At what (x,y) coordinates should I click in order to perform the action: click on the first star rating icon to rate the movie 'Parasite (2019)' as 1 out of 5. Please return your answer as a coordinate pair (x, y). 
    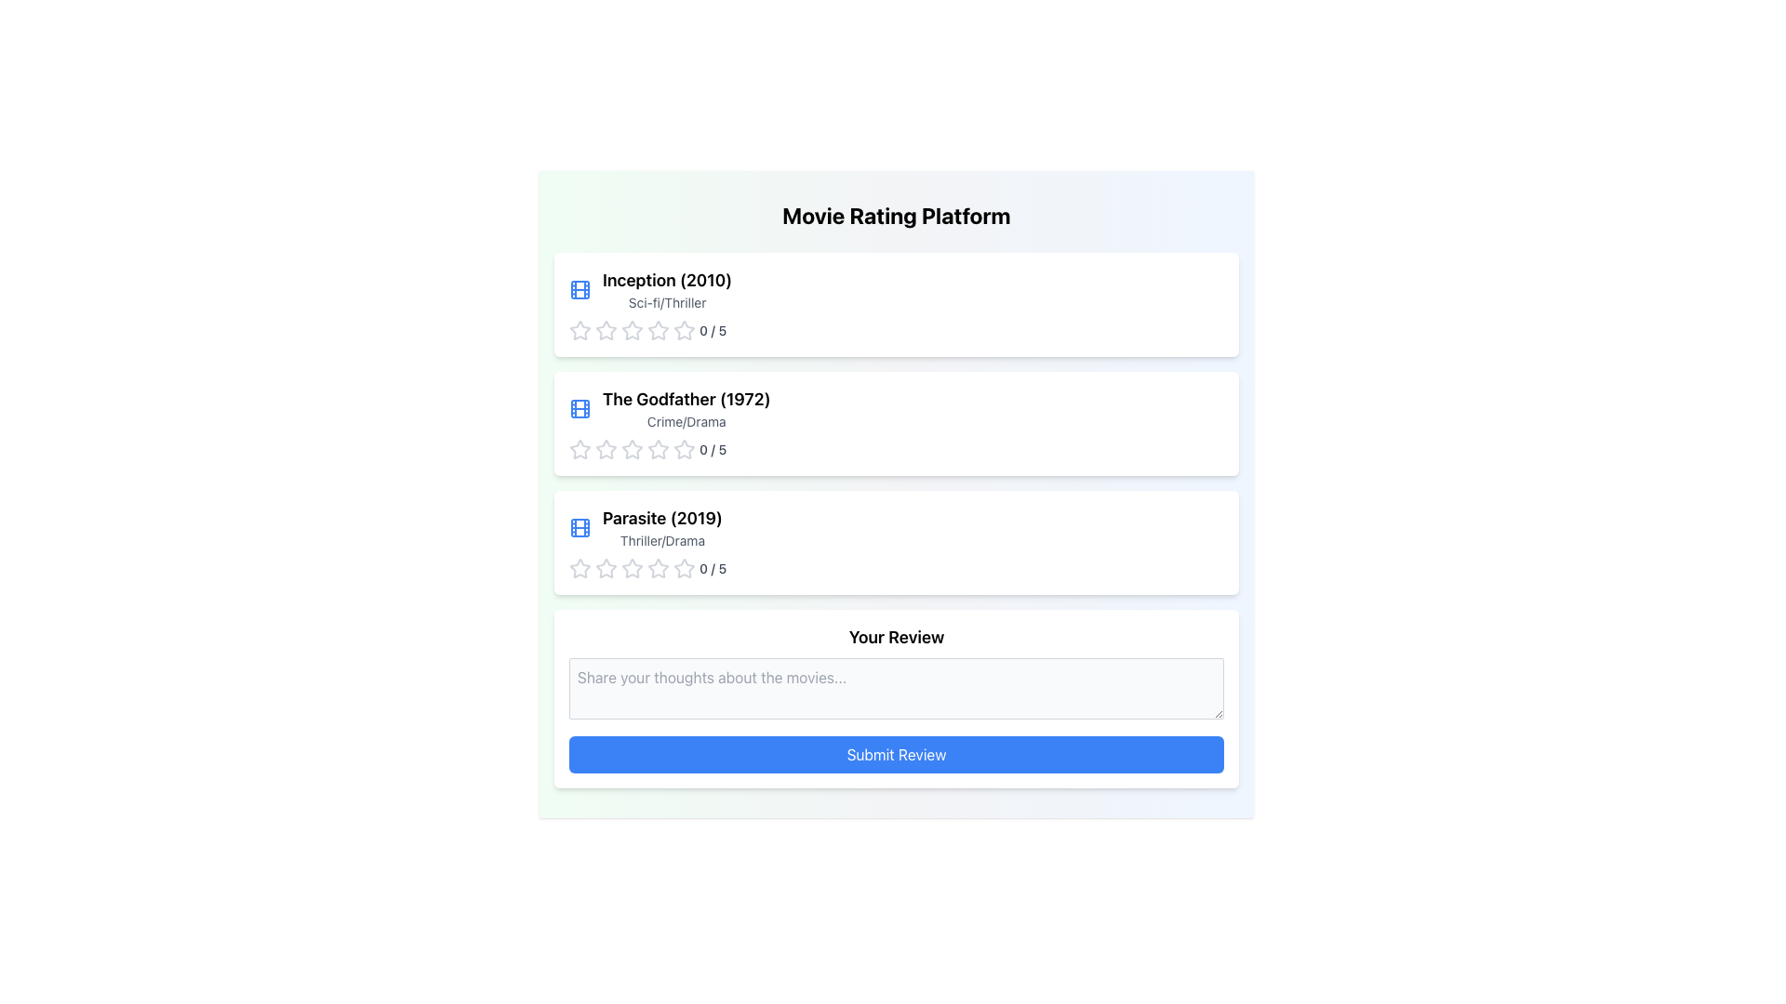
    Looking at the image, I should click on (633, 567).